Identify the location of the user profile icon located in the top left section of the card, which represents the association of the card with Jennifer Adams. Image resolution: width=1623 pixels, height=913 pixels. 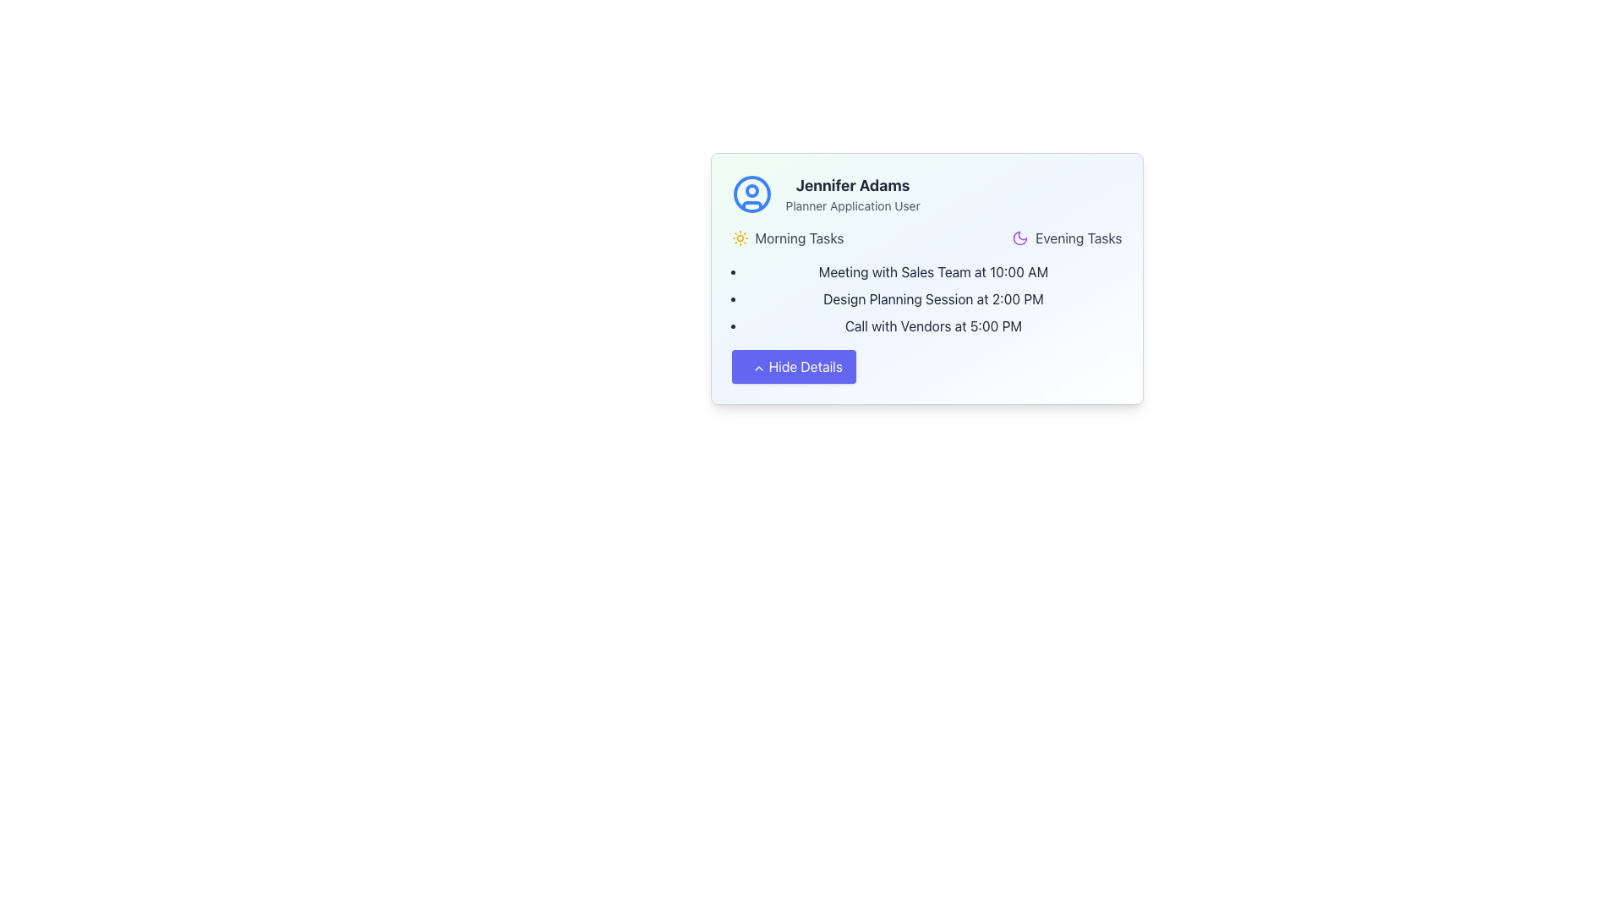
(751, 194).